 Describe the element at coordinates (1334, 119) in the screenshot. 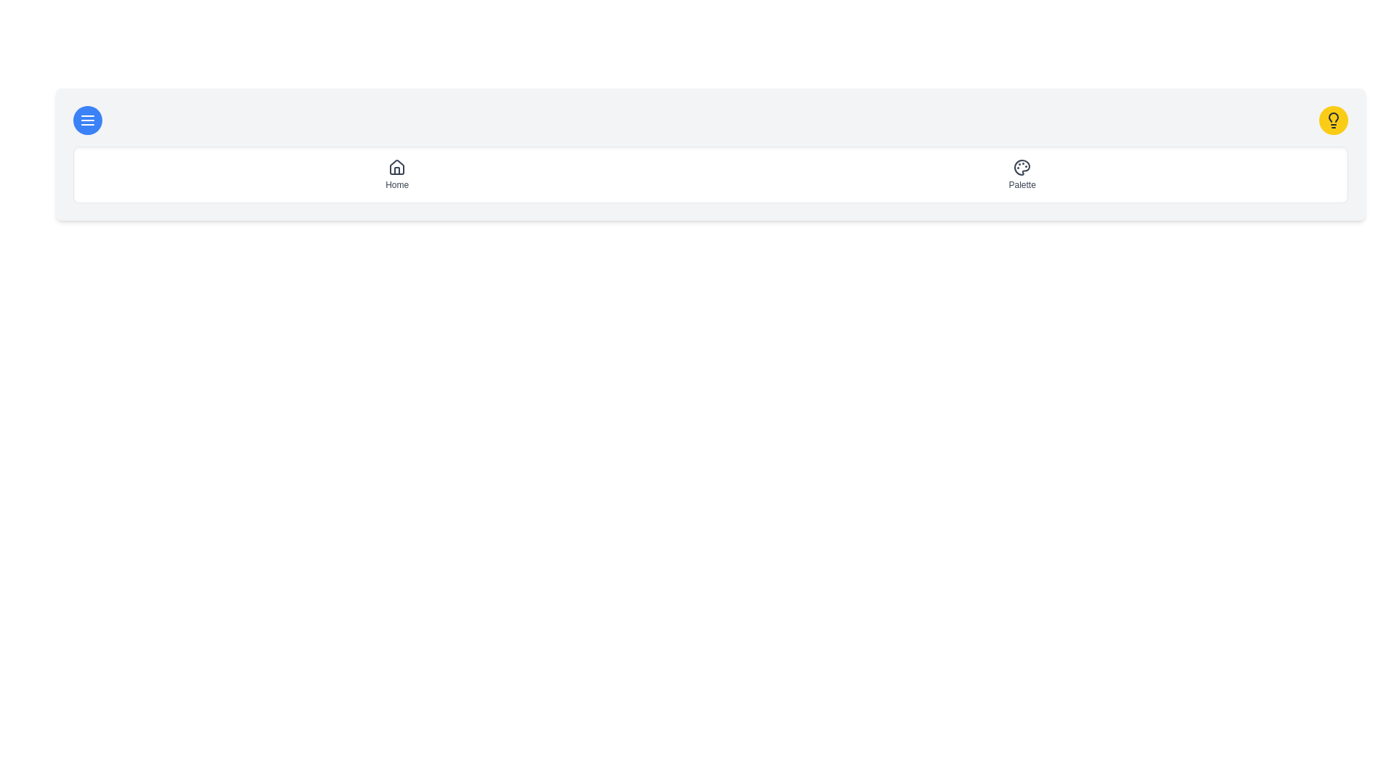

I see `the lightbulb icon located on the far right of the top navigation bar` at that location.